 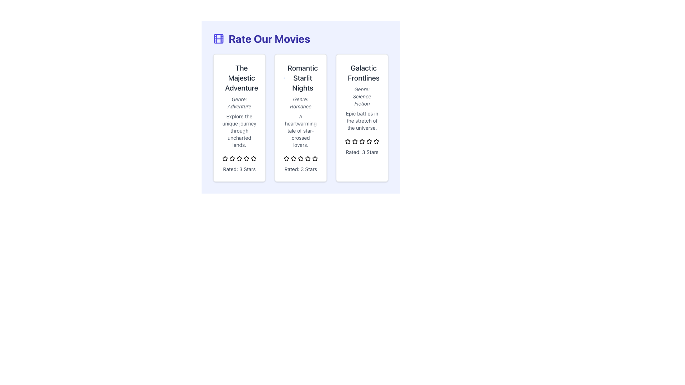 What do you see at coordinates (239, 130) in the screenshot?
I see `the static text providing descriptive information about the movie, located below 'Genre: Adventure' and above the rating stars in the first visual card` at bounding box center [239, 130].